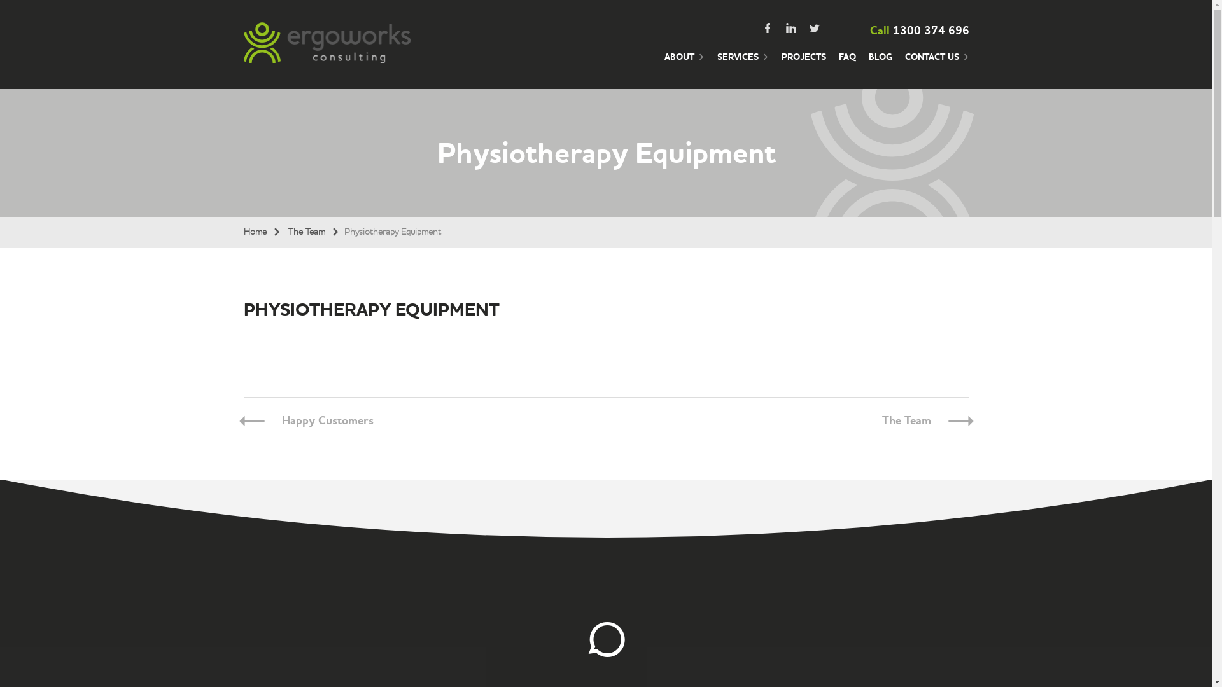  What do you see at coordinates (931, 29) in the screenshot?
I see `'1300 374 696'` at bounding box center [931, 29].